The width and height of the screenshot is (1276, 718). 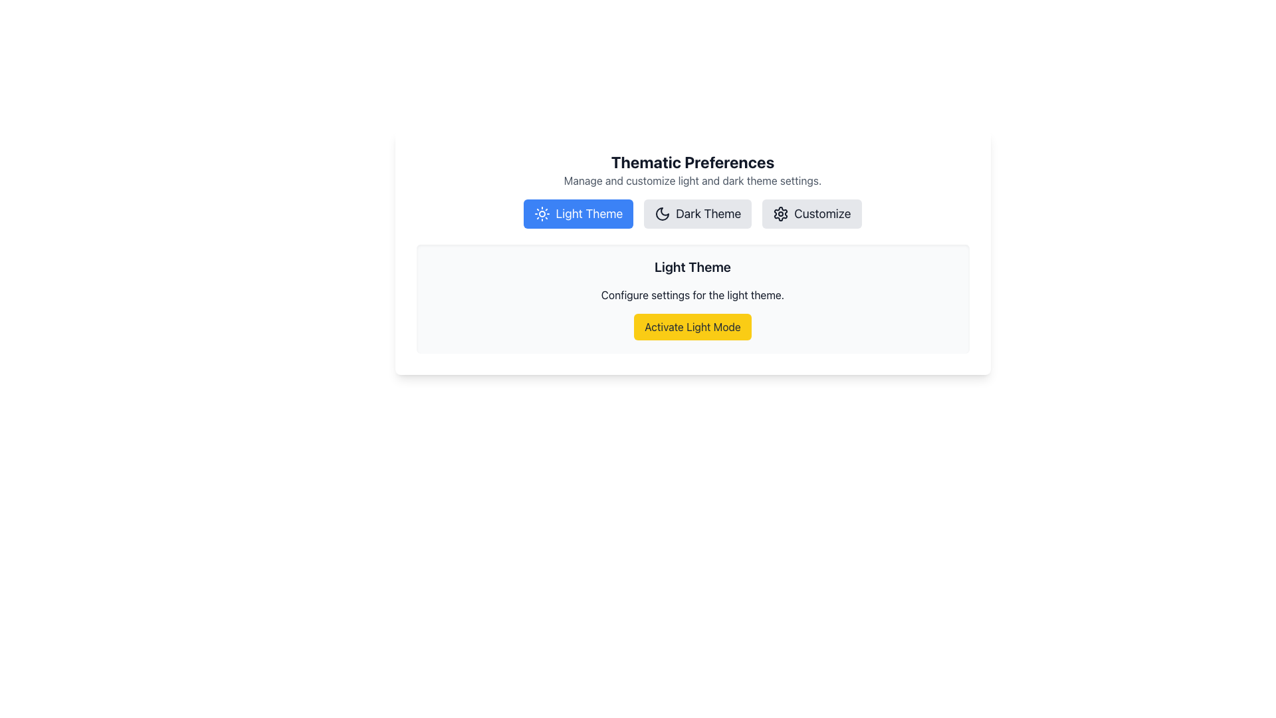 What do you see at coordinates (663, 213) in the screenshot?
I see `the 'Dark Theme' icon located in the 'Thematic Preferences' section of the interface` at bounding box center [663, 213].